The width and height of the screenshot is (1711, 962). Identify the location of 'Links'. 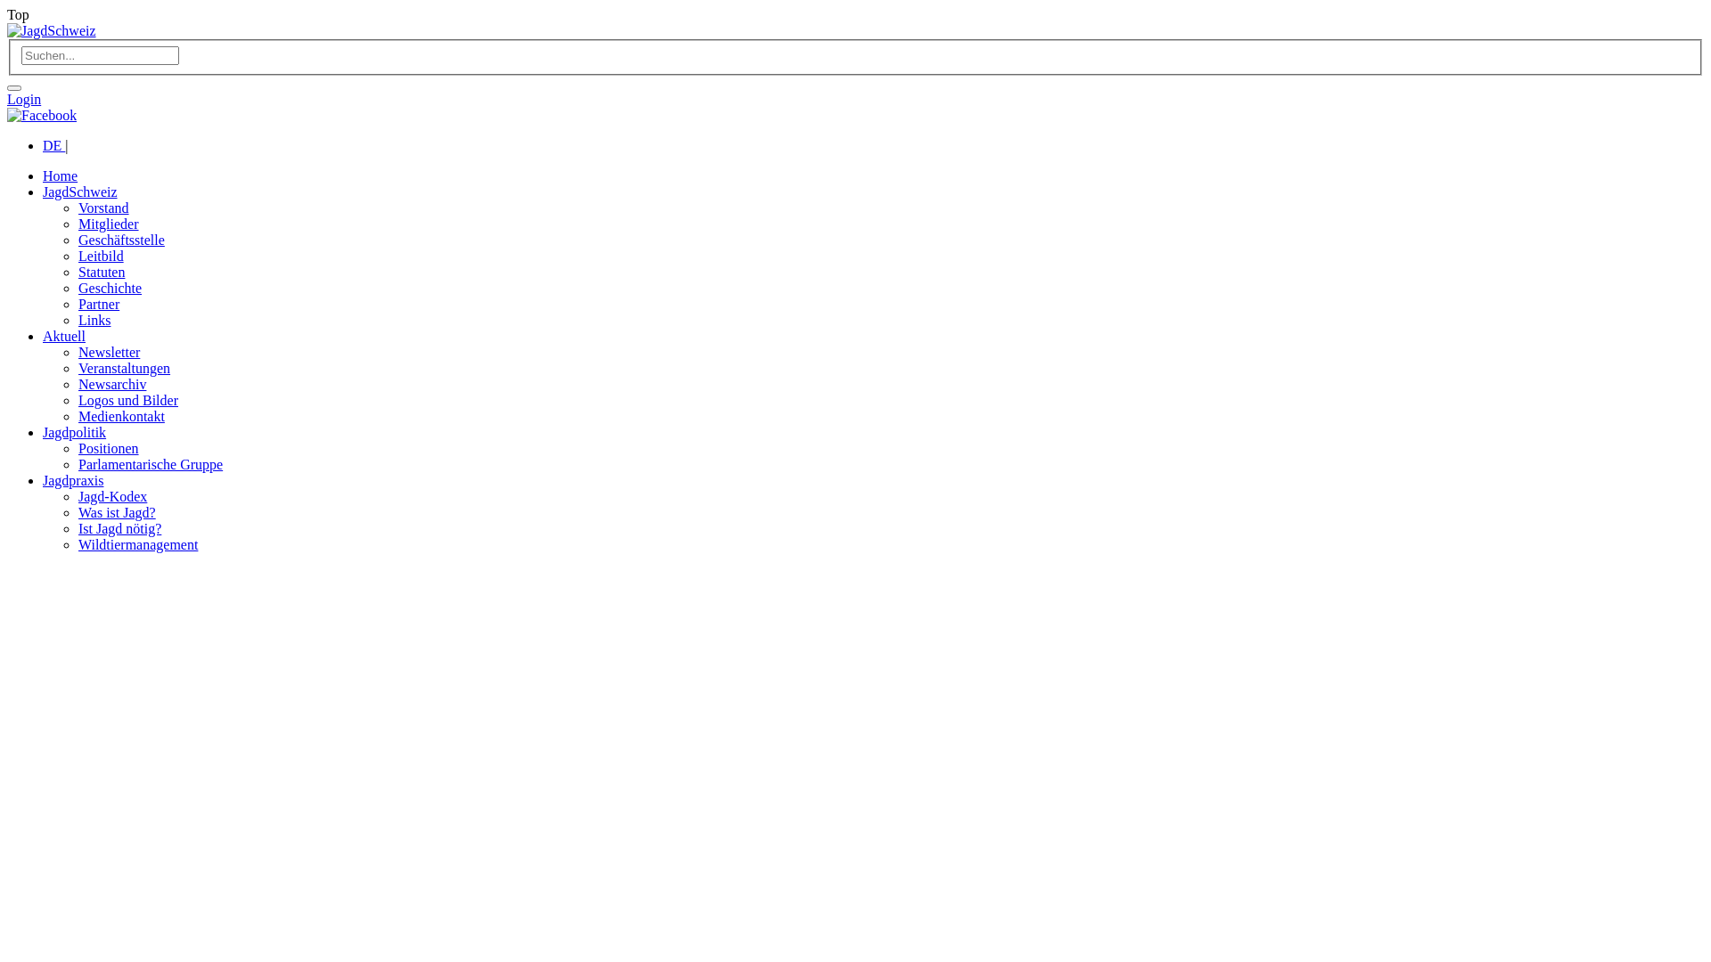
(93, 319).